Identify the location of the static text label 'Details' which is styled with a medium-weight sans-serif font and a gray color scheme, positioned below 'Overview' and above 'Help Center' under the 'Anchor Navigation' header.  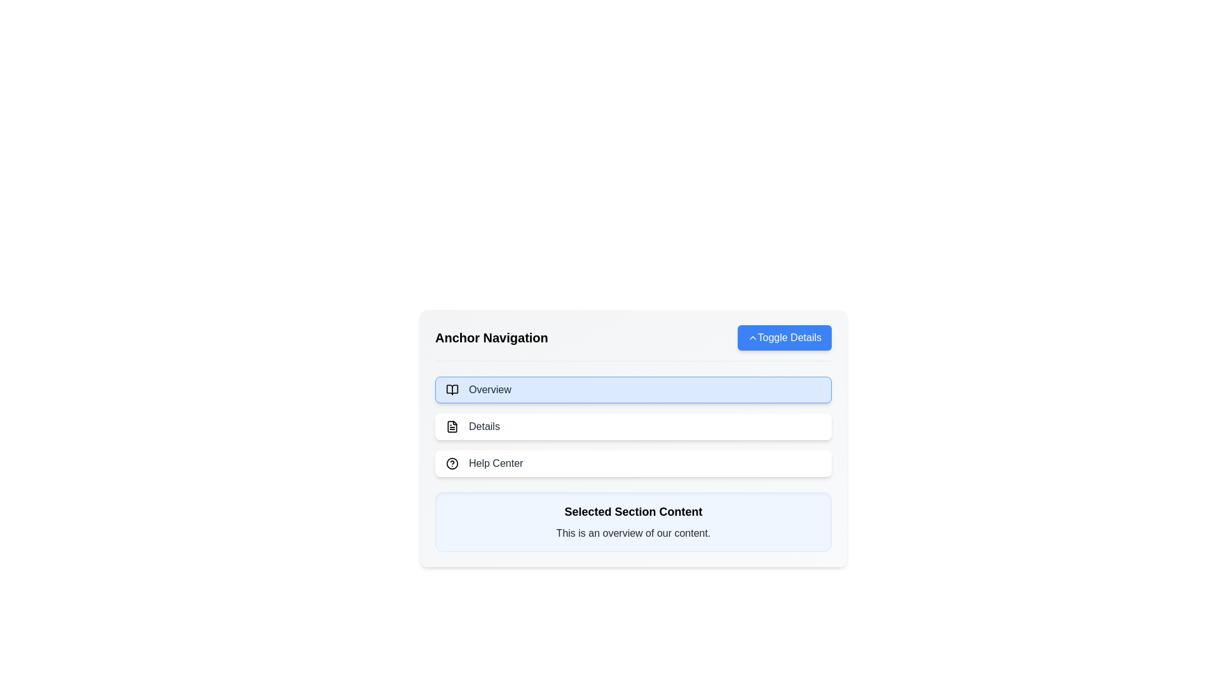
(484, 426).